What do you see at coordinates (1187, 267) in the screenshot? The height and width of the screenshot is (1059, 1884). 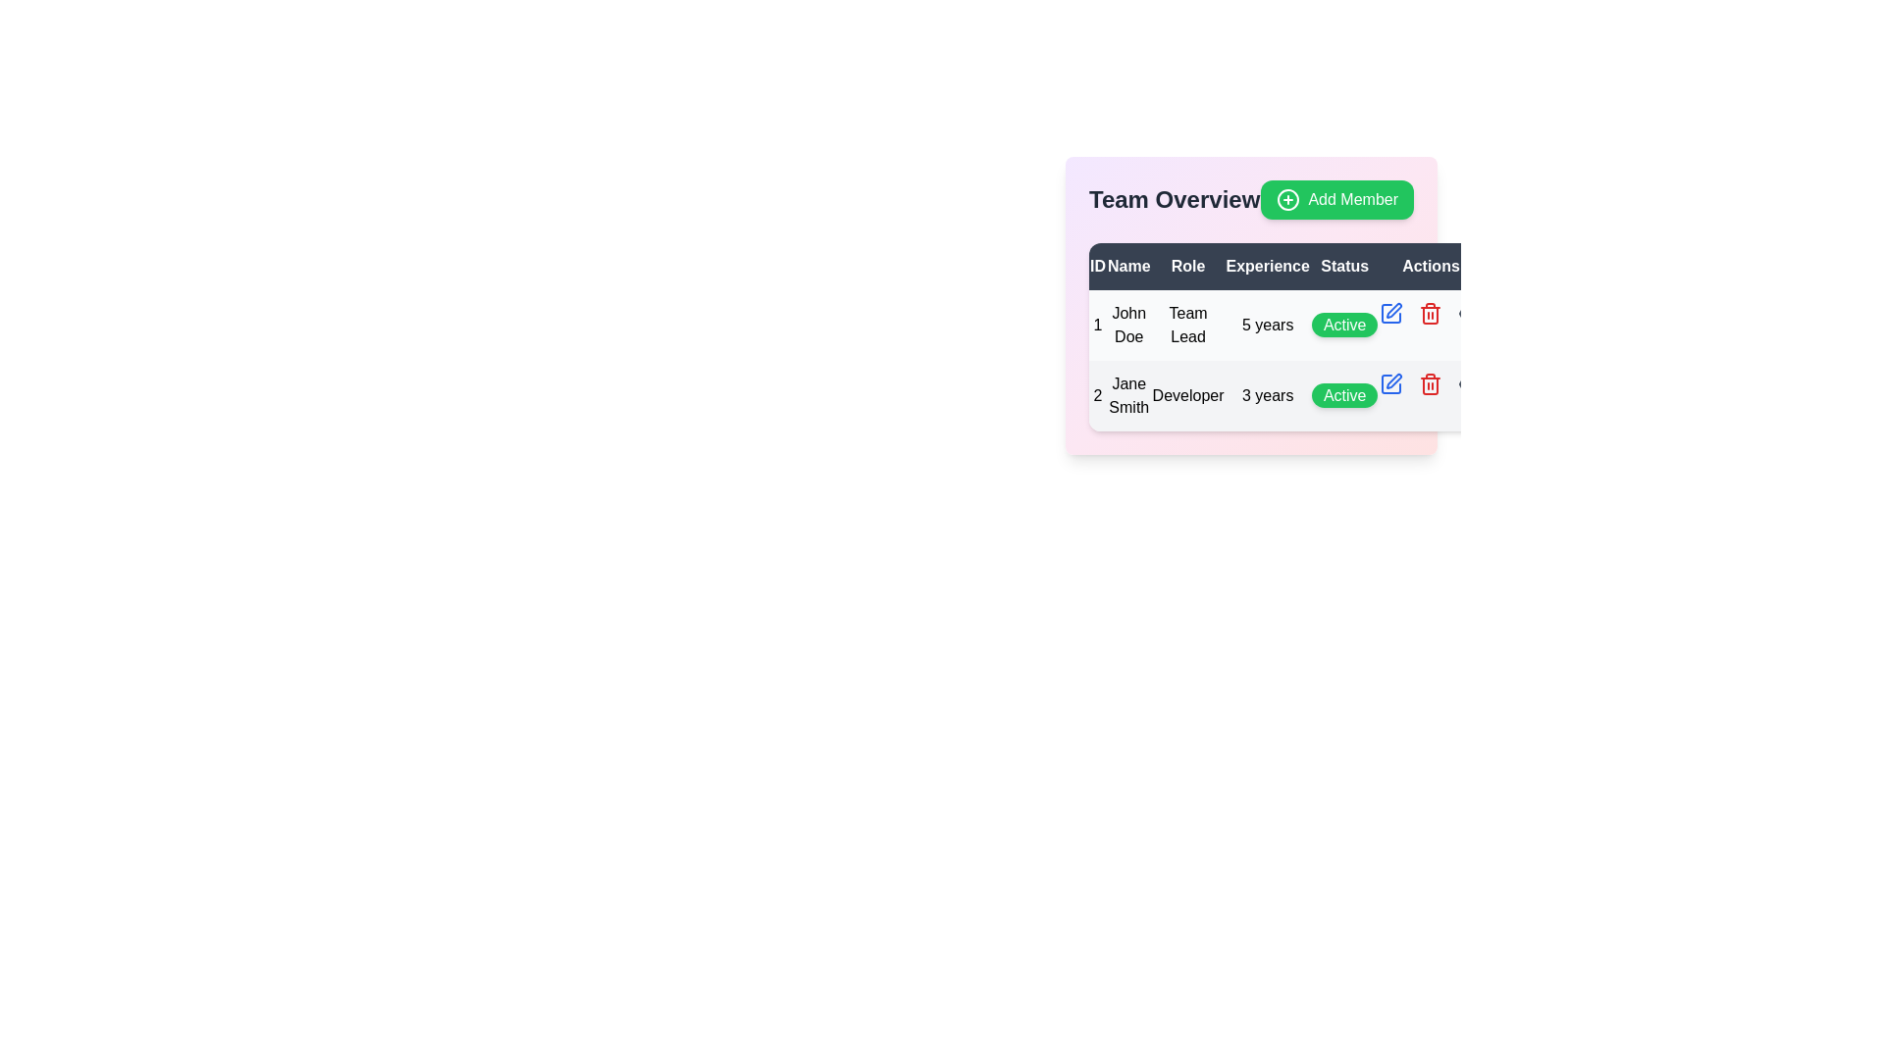 I see `the 'Role' text label in the table header, which is styled with a white font against a dark blue background and is the third header from the left` at bounding box center [1187, 267].